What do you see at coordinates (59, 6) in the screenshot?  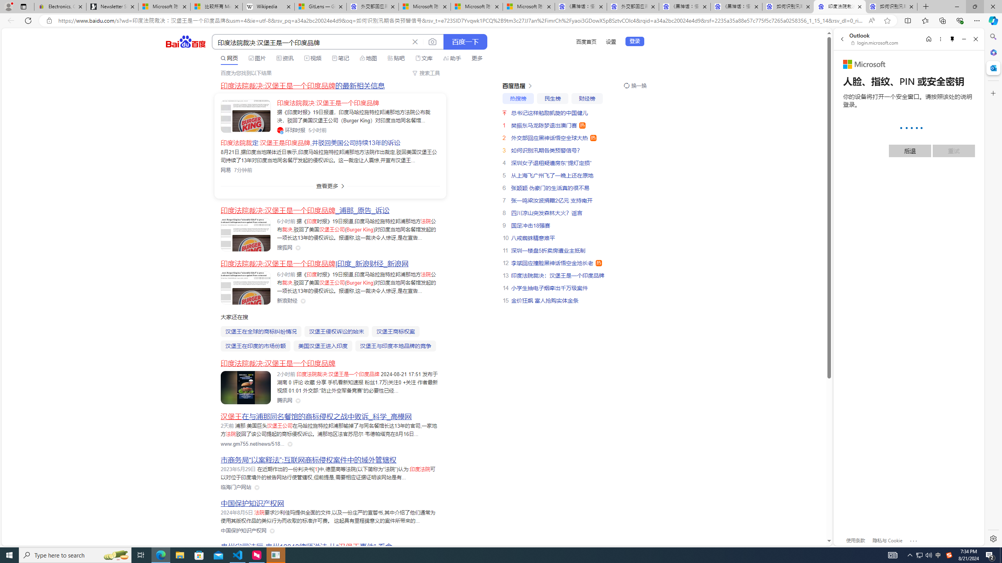 I see `'Electronics, Cars, Fashion, Collectibles & More | eBay'` at bounding box center [59, 6].